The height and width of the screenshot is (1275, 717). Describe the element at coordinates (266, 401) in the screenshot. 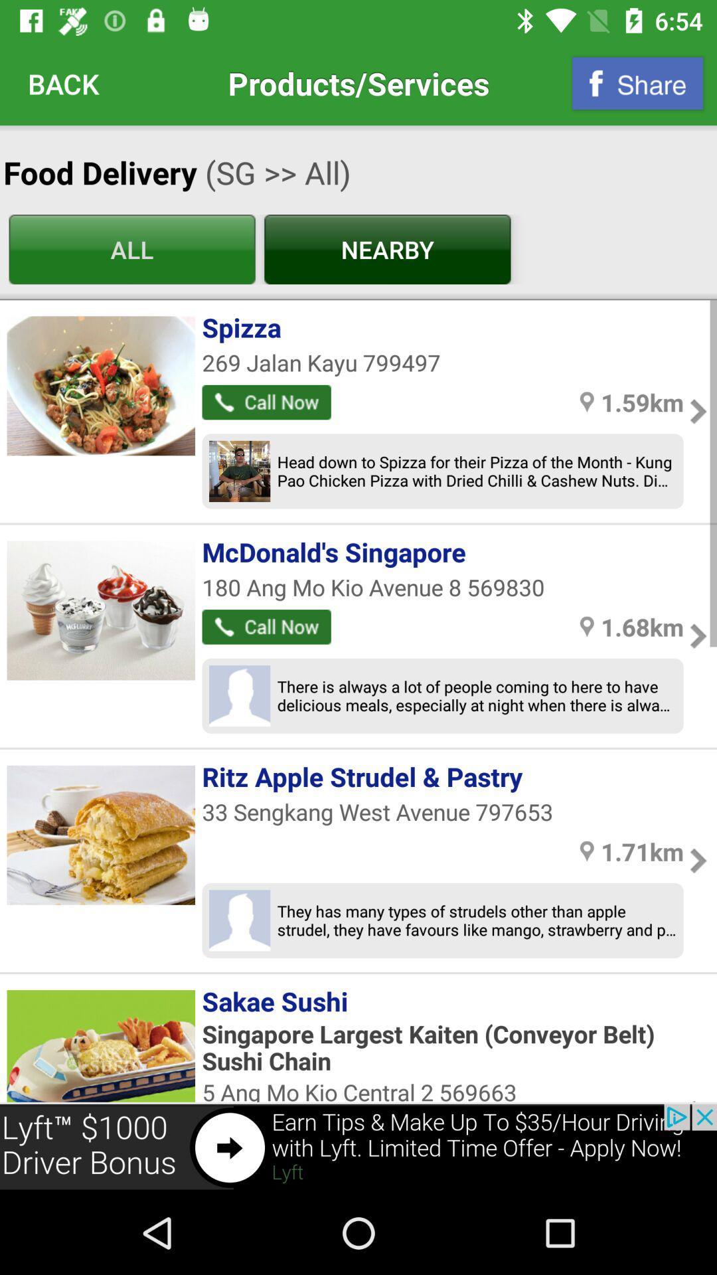

I see `third green button from top` at that location.